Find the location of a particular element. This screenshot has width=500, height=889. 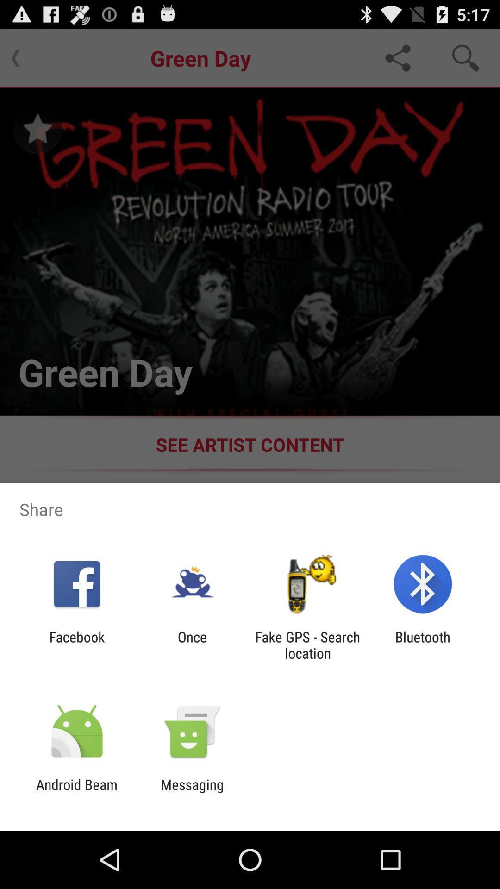

item to the right of the facebook app is located at coordinates (192, 645).